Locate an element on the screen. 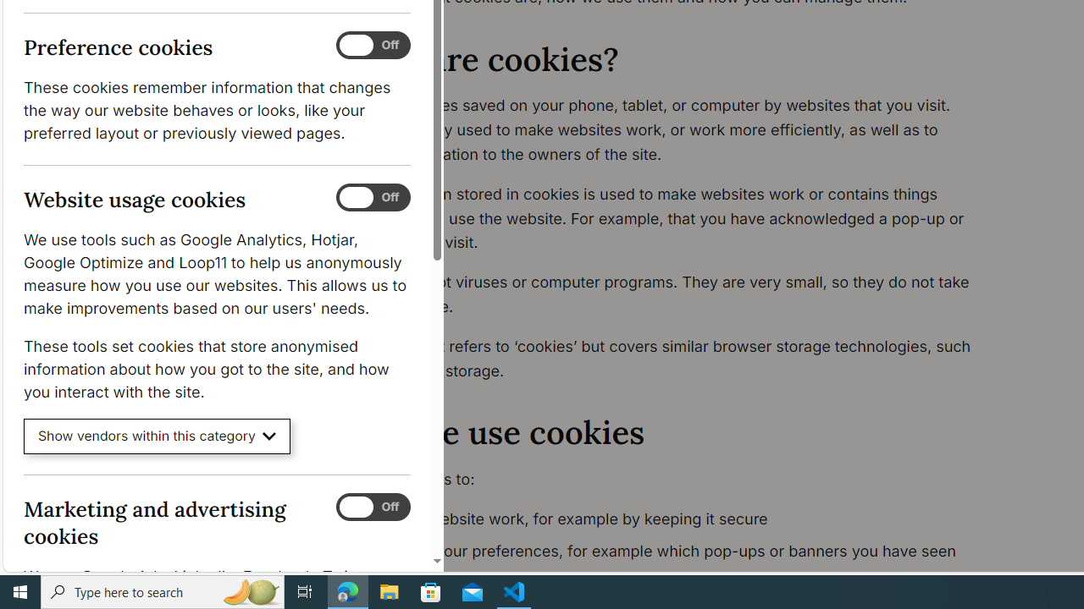 The image size is (1084, 609). 'Show vendors within this category' is located at coordinates (157, 436).